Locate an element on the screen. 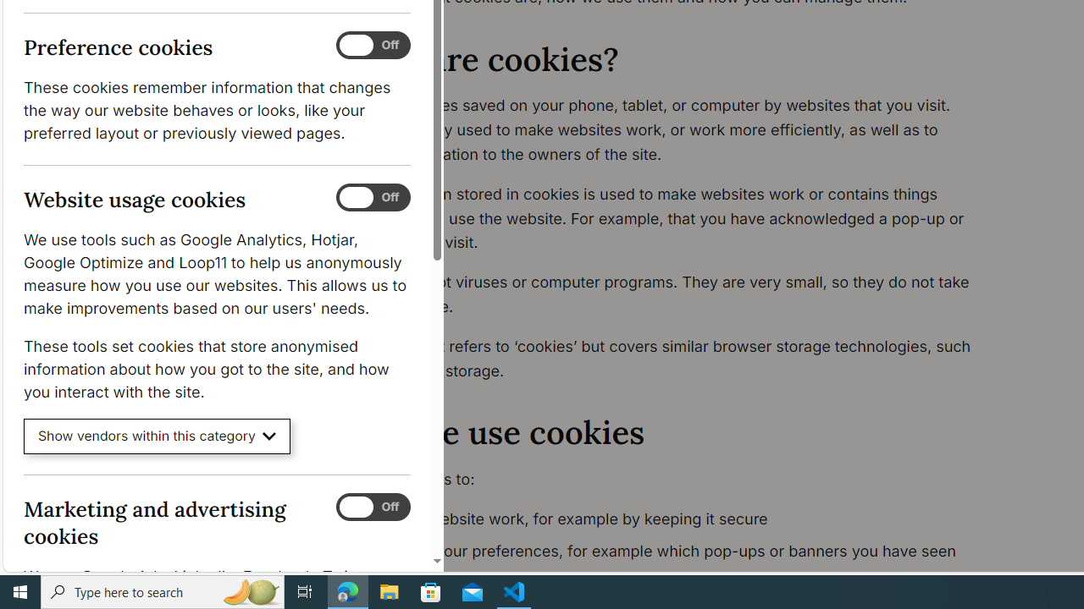 The image size is (1084, 609). 'Show vendors within this category' is located at coordinates (157, 436).